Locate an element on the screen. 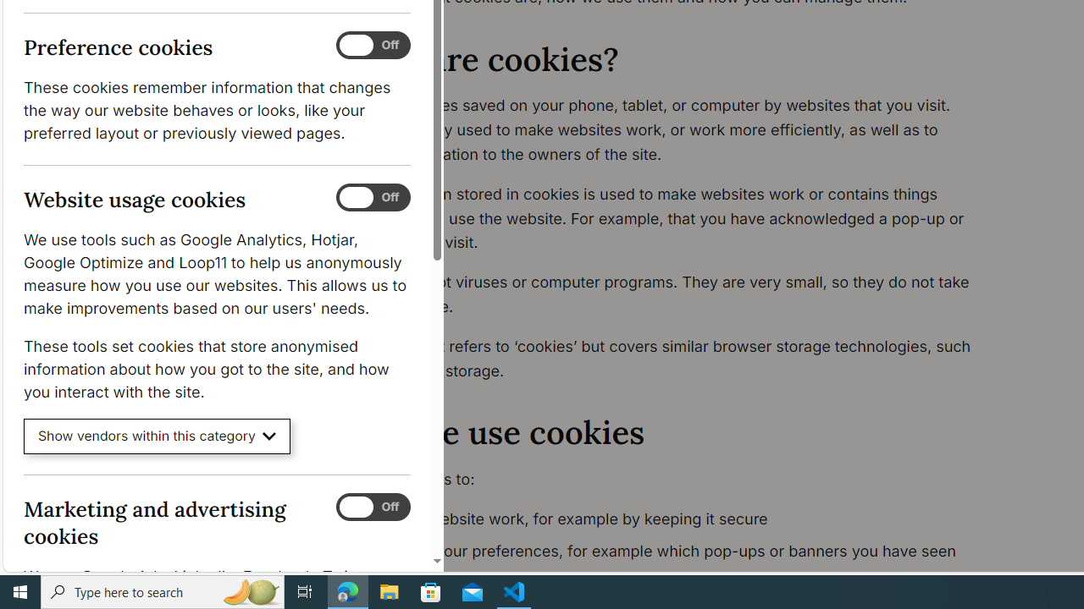 The image size is (1084, 609). 'Show vendors within this category' is located at coordinates (157, 436).